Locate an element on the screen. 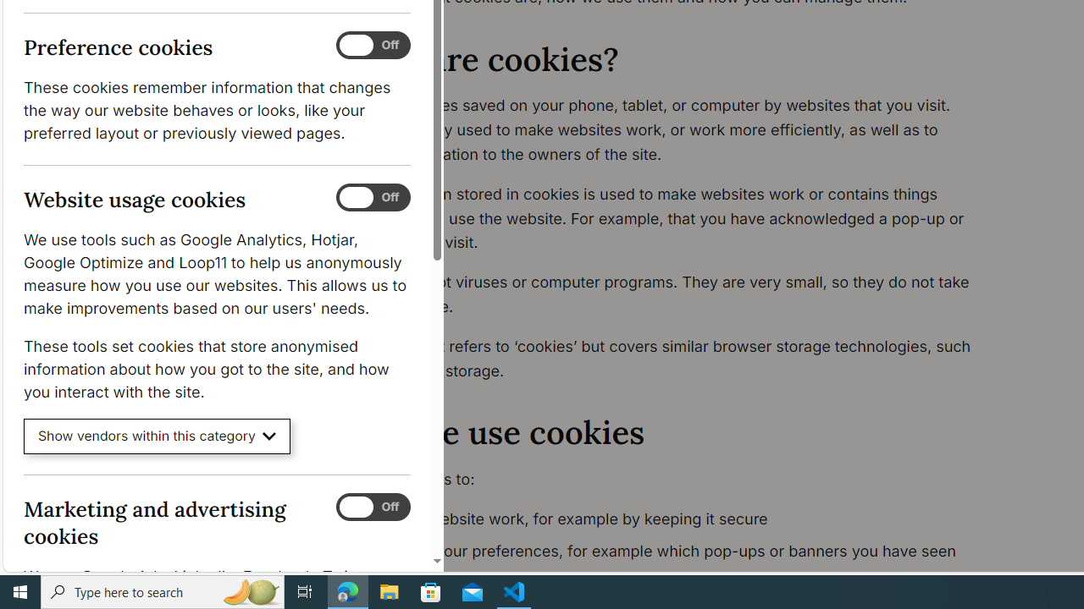 The image size is (1084, 609). 'Show vendors within this category' is located at coordinates (157, 436).